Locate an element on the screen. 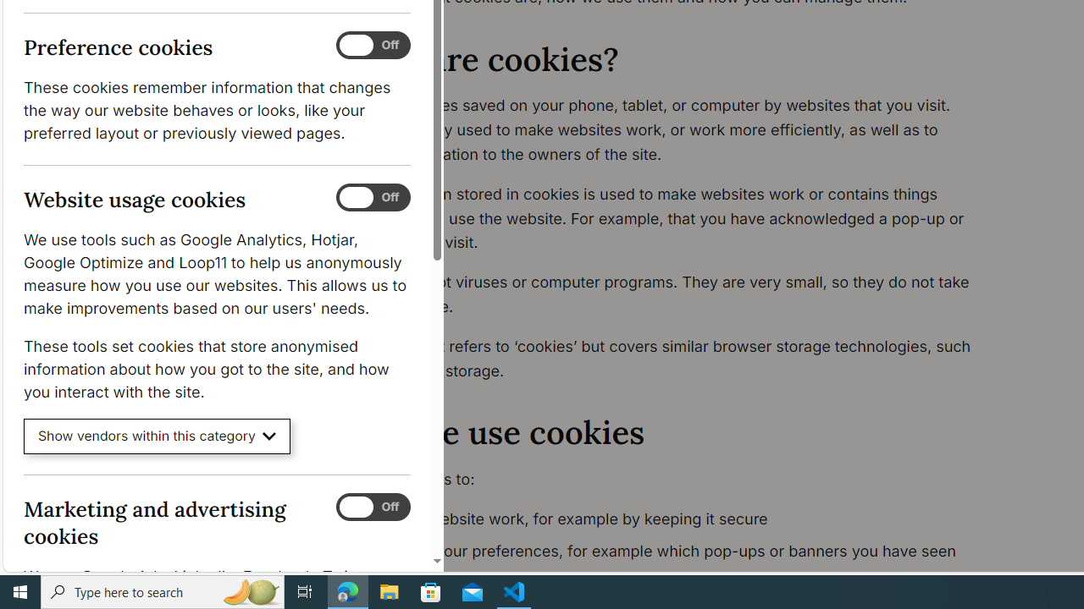 The image size is (1084, 609). 'Show vendors within this category' is located at coordinates (157, 436).